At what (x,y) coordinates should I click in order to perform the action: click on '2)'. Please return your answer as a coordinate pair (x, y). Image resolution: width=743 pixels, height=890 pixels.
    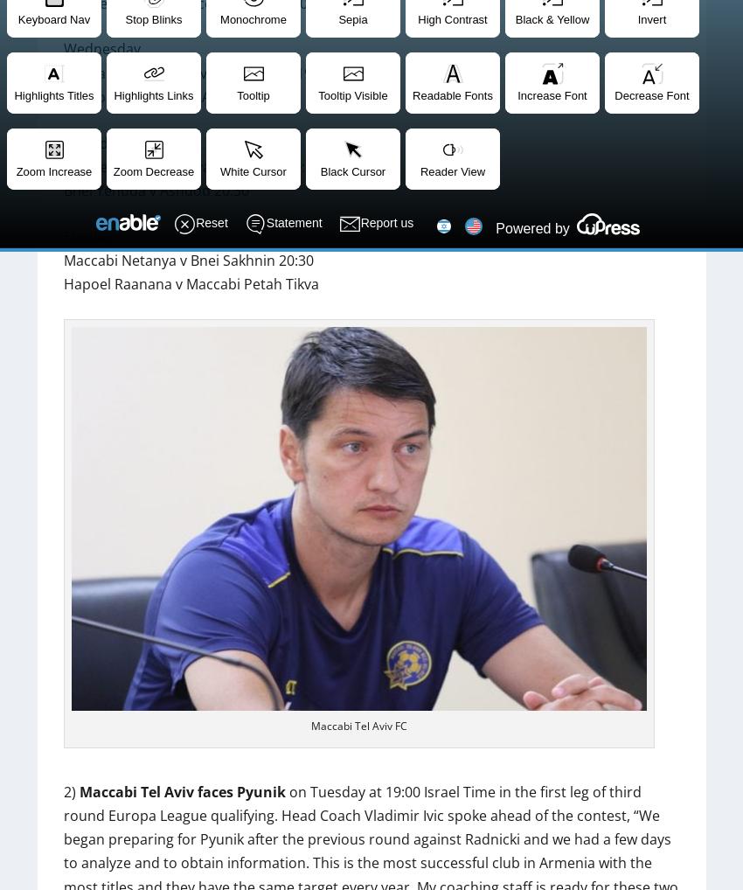
    Looking at the image, I should click on (71, 791).